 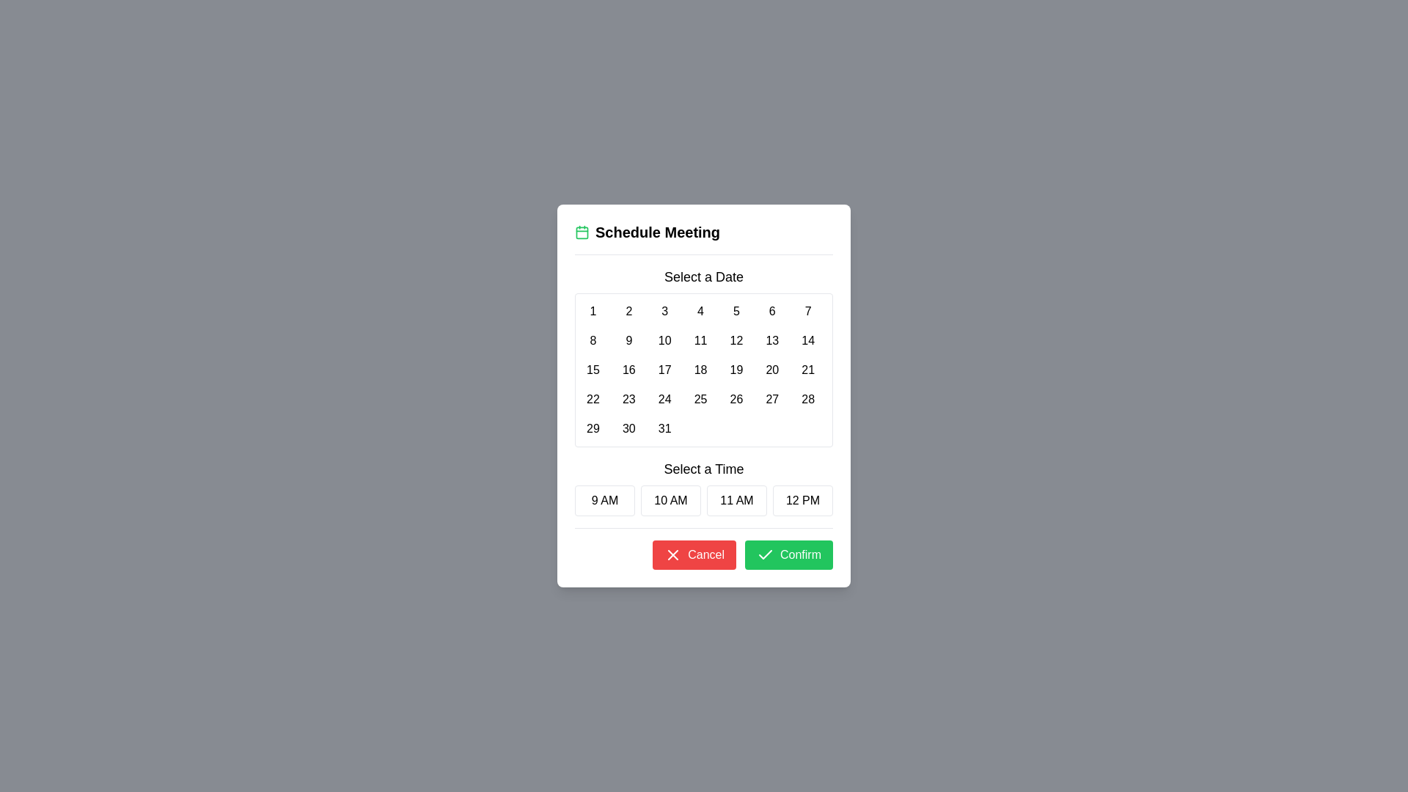 What do you see at coordinates (771, 399) in the screenshot?
I see `the small rectangular button displaying the number '27', which is part of a calendar grid layout` at bounding box center [771, 399].